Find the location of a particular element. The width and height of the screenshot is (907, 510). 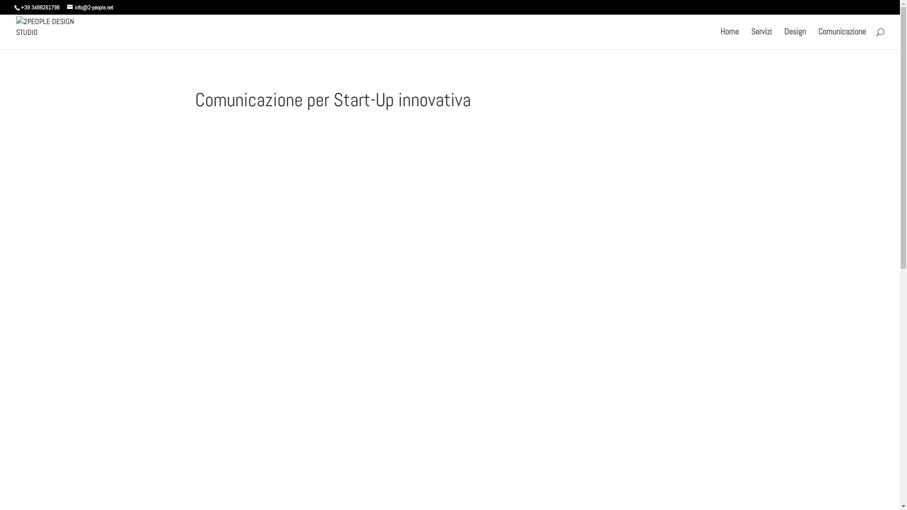

'Servizi' is located at coordinates (762, 38).